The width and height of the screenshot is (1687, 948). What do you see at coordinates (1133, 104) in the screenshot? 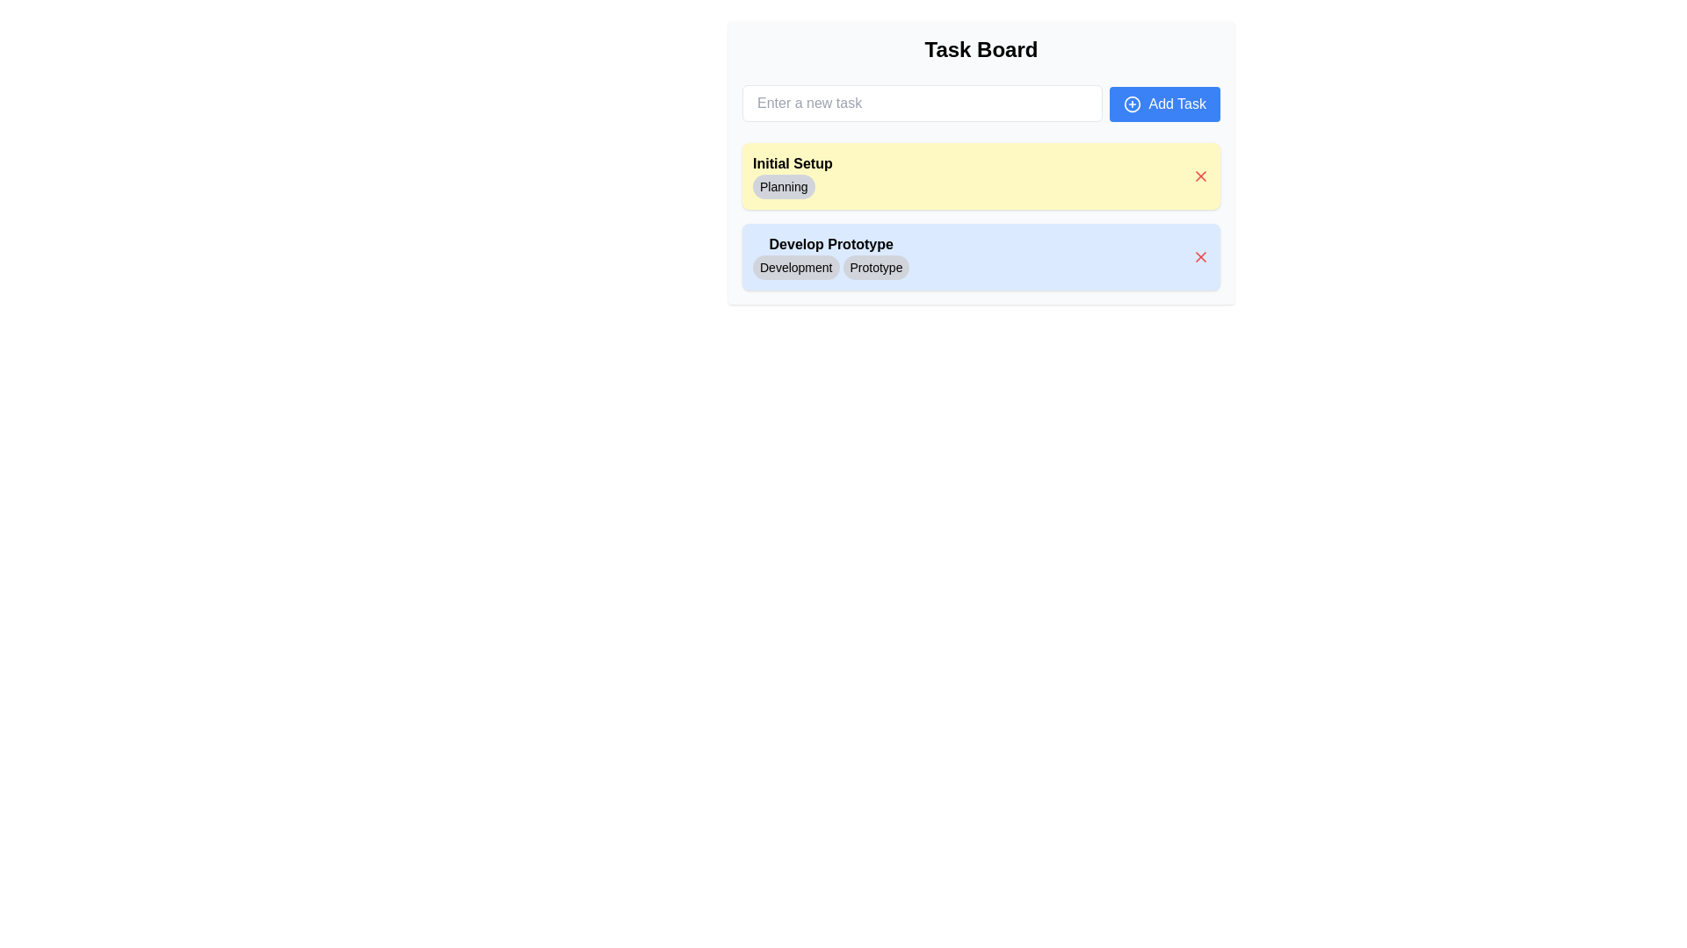
I see `the innermost circular component of the add-button icon located at the top-right corner of the task board interface` at bounding box center [1133, 104].